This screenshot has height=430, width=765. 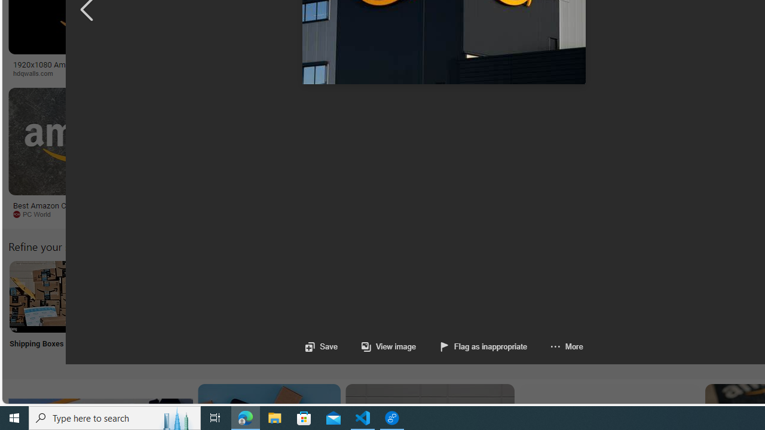 What do you see at coordinates (554, 346) in the screenshot?
I see `'More'` at bounding box center [554, 346].